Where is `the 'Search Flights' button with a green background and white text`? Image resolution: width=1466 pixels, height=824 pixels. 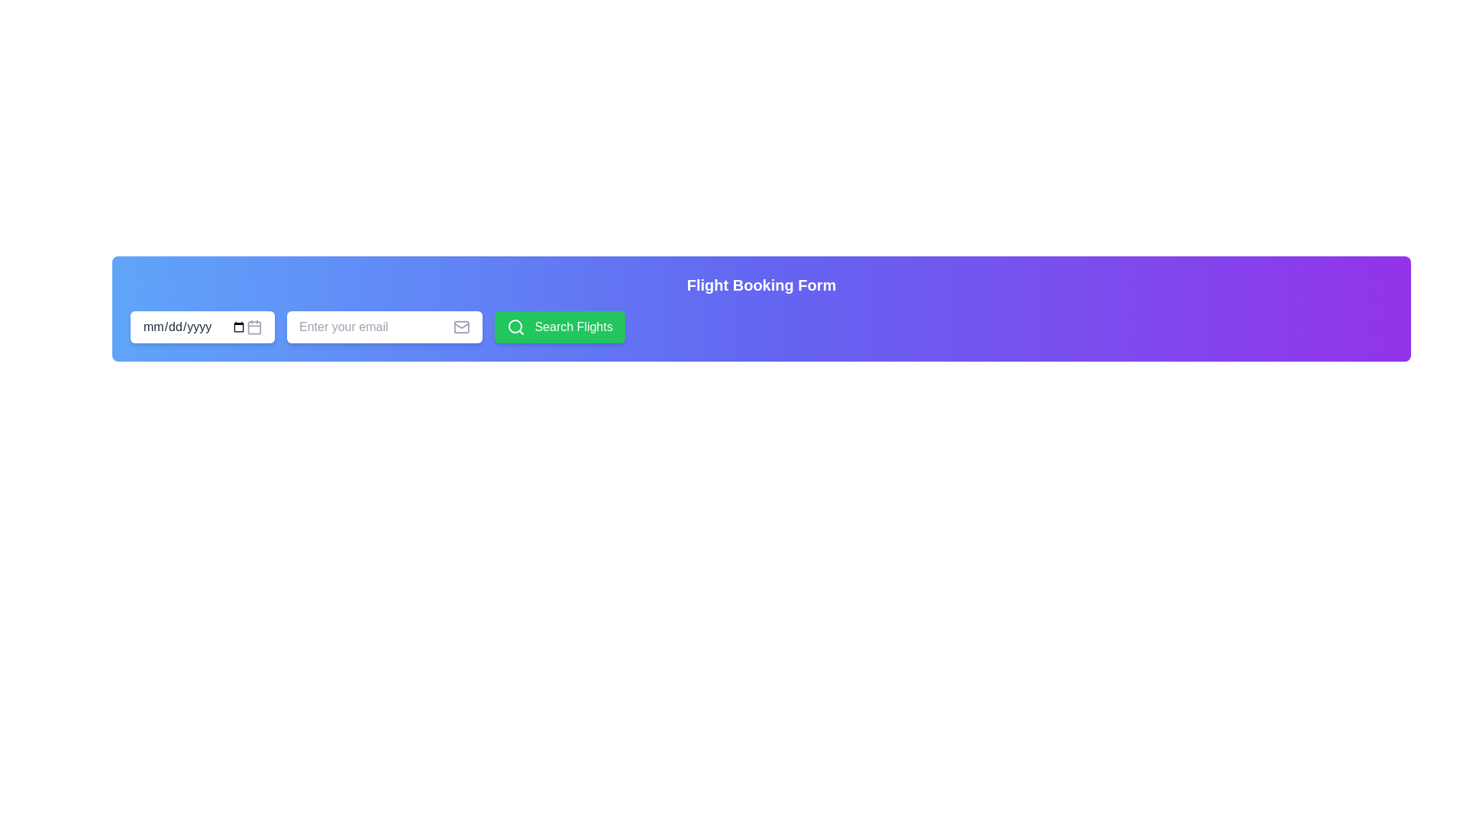 the 'Search Flights' button with a green background and white text is located at coordinates (559, 326).